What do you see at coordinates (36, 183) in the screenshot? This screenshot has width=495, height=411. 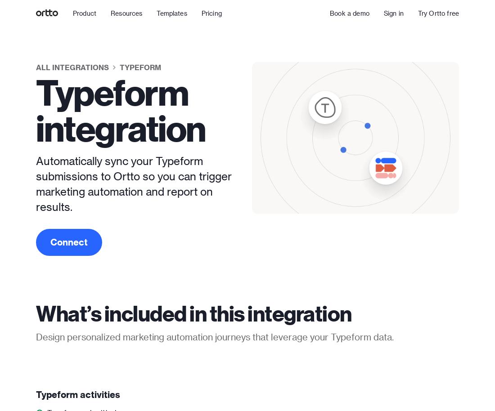 I see `'Automatically sync your Typeform submissions to Ortto so you can trigger marketing automation and report on results.'` at bounding box center [36, 183].